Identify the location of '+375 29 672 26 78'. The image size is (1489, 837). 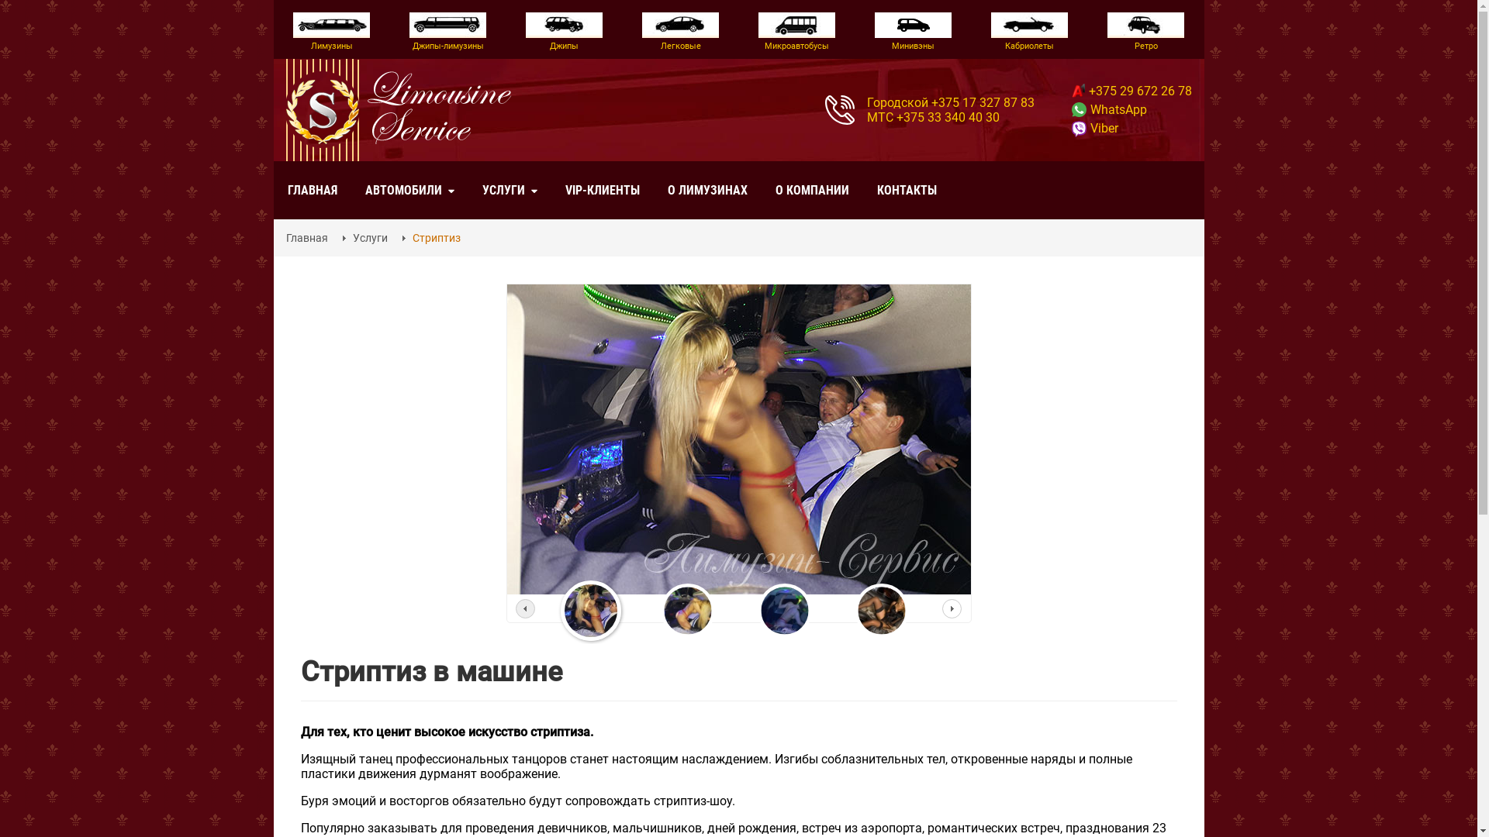
(1131, 91).